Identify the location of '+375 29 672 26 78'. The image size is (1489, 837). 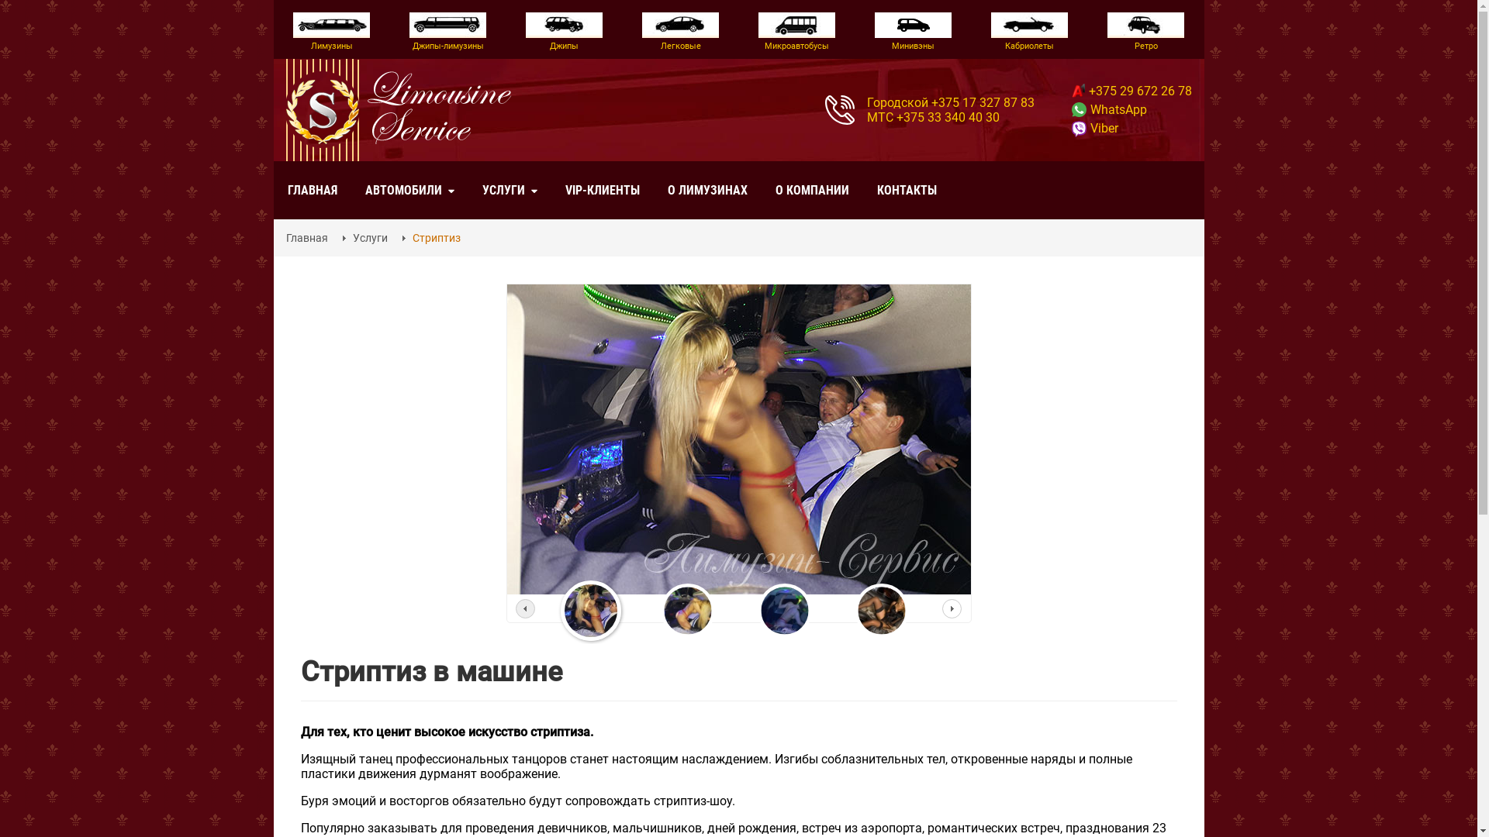
(1131, 91).